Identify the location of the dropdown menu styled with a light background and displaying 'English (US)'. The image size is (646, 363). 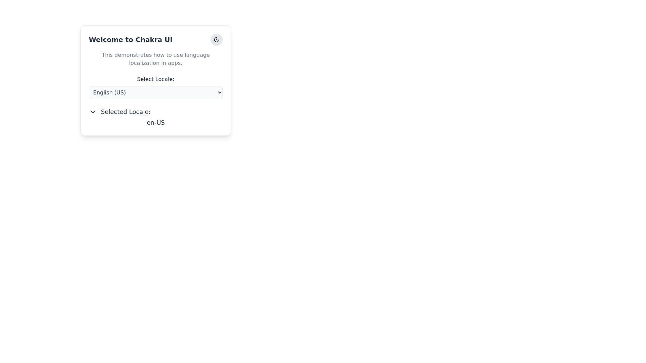
(155, 92).